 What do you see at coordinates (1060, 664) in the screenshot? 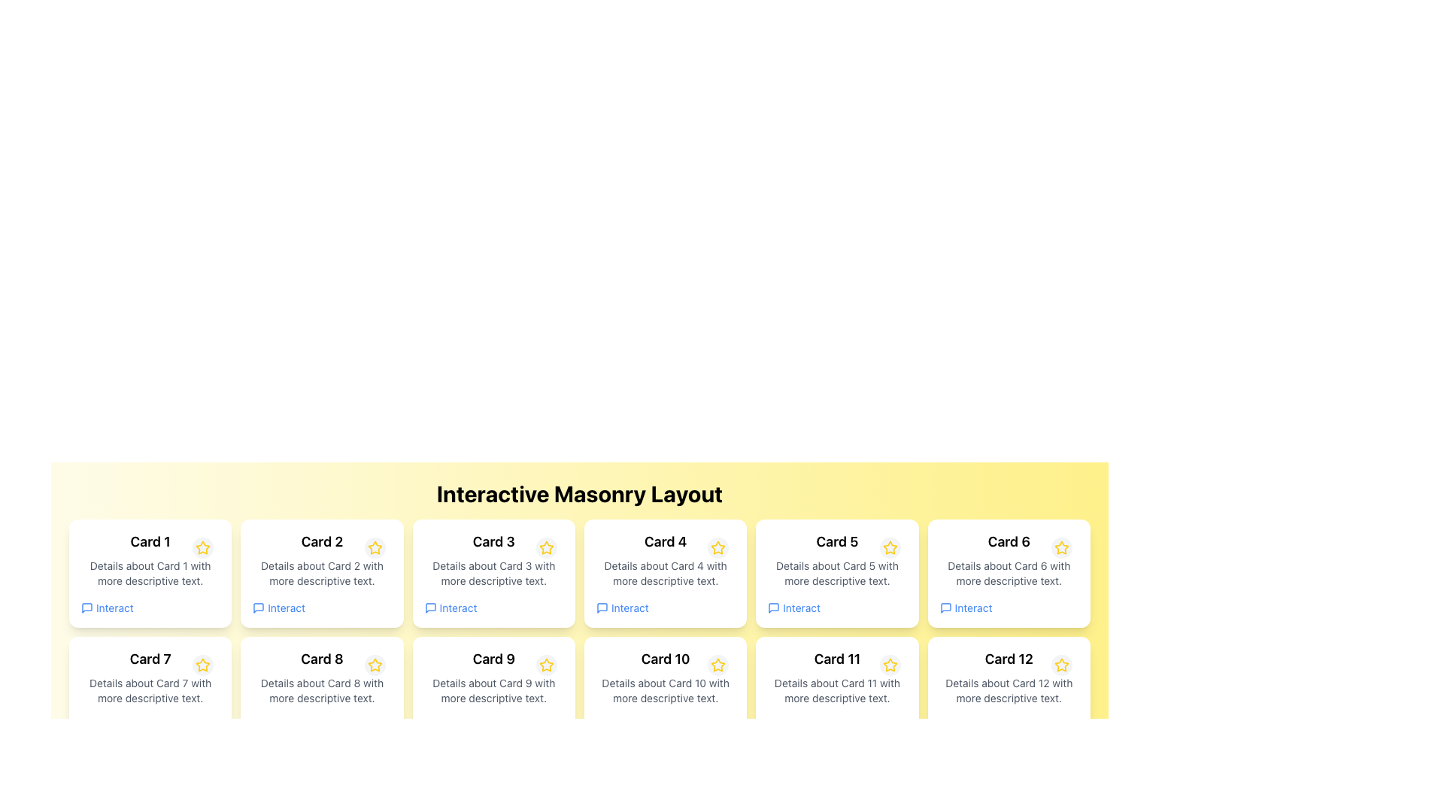
I see `the favorite icon located in the top-right corner of 'Card 12' to trigger visual feedback` at bounding box center [1060, 664].